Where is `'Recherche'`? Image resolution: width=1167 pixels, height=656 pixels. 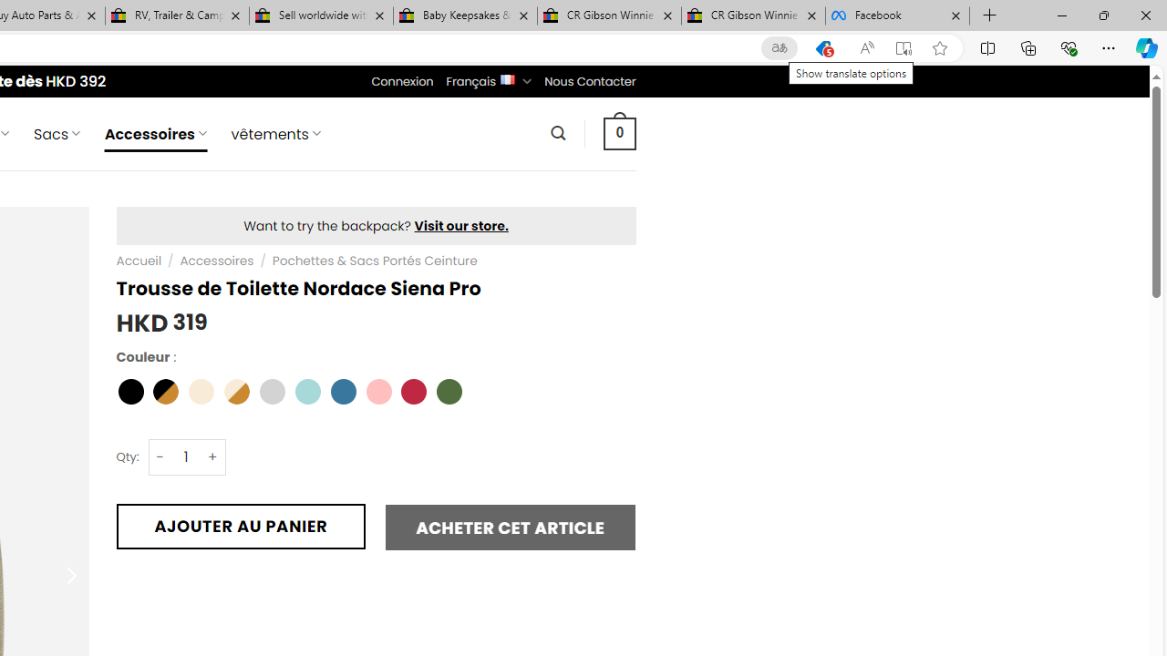 'Recherche' is located at coordinates (557, 132).